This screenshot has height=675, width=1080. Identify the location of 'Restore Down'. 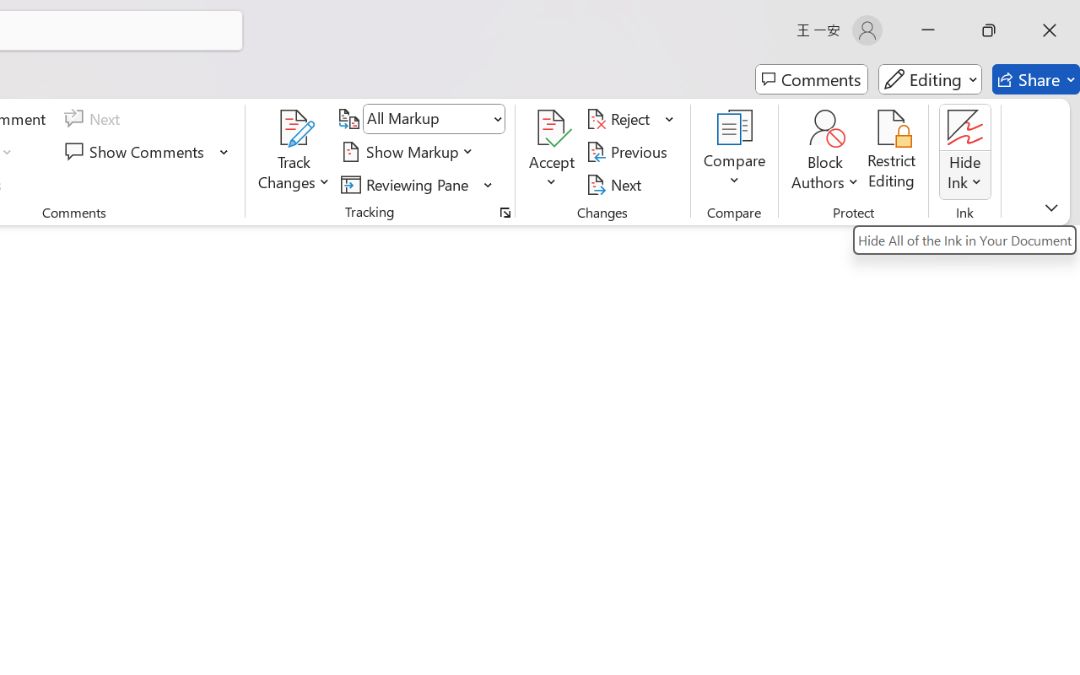
(989, 30).